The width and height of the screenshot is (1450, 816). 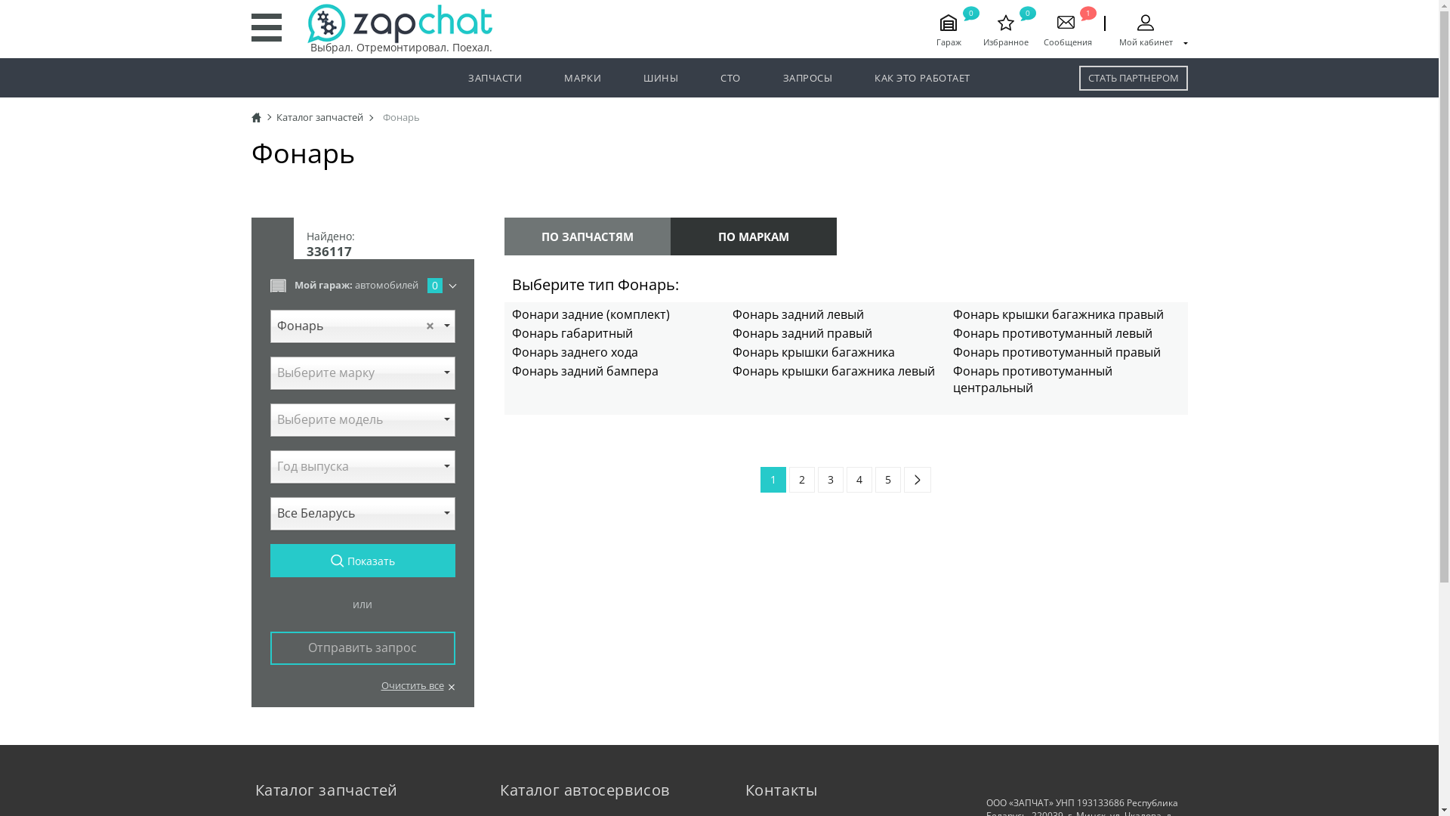 What do you see at coordinates (916, 480) in the screenshot?
I see `'>'` at bounding box center [916, 480].